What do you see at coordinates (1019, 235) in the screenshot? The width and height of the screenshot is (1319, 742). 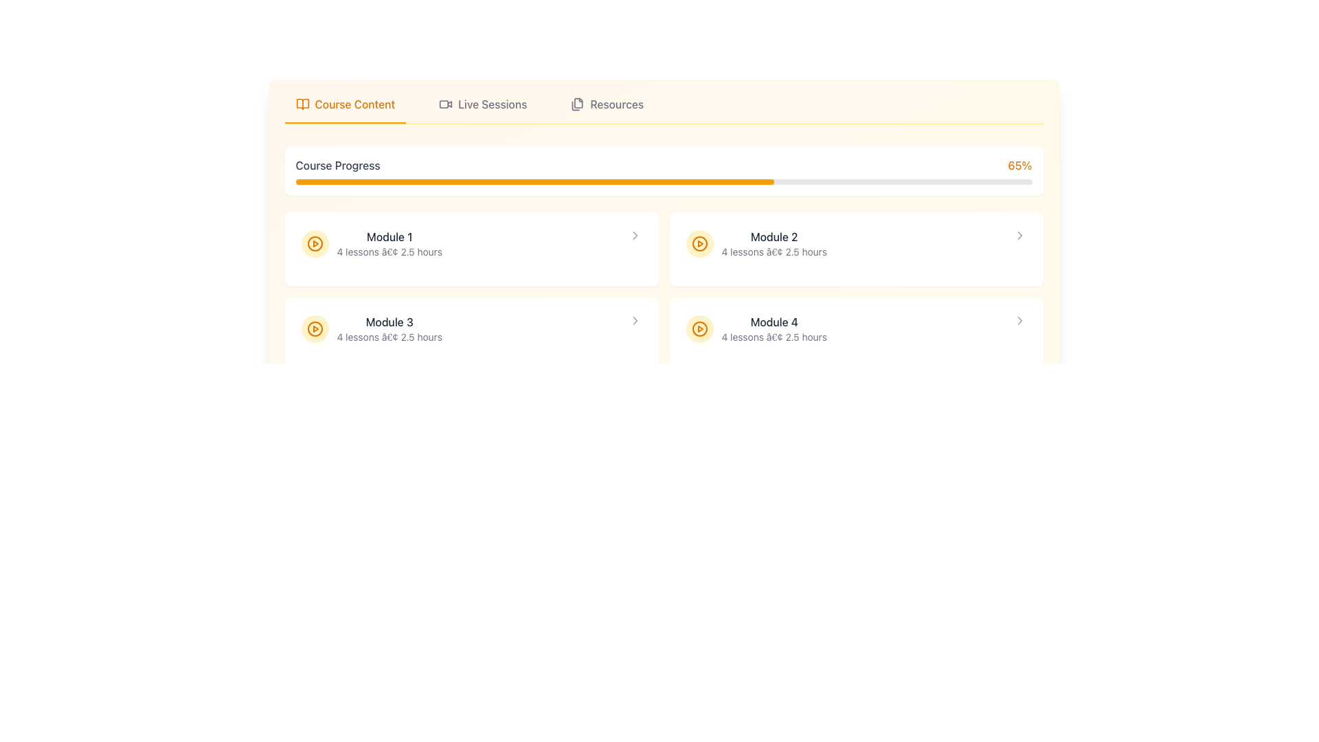 I see `the chevron icon located in the 'Module 2' card section` at bounding box center [1019, 235].